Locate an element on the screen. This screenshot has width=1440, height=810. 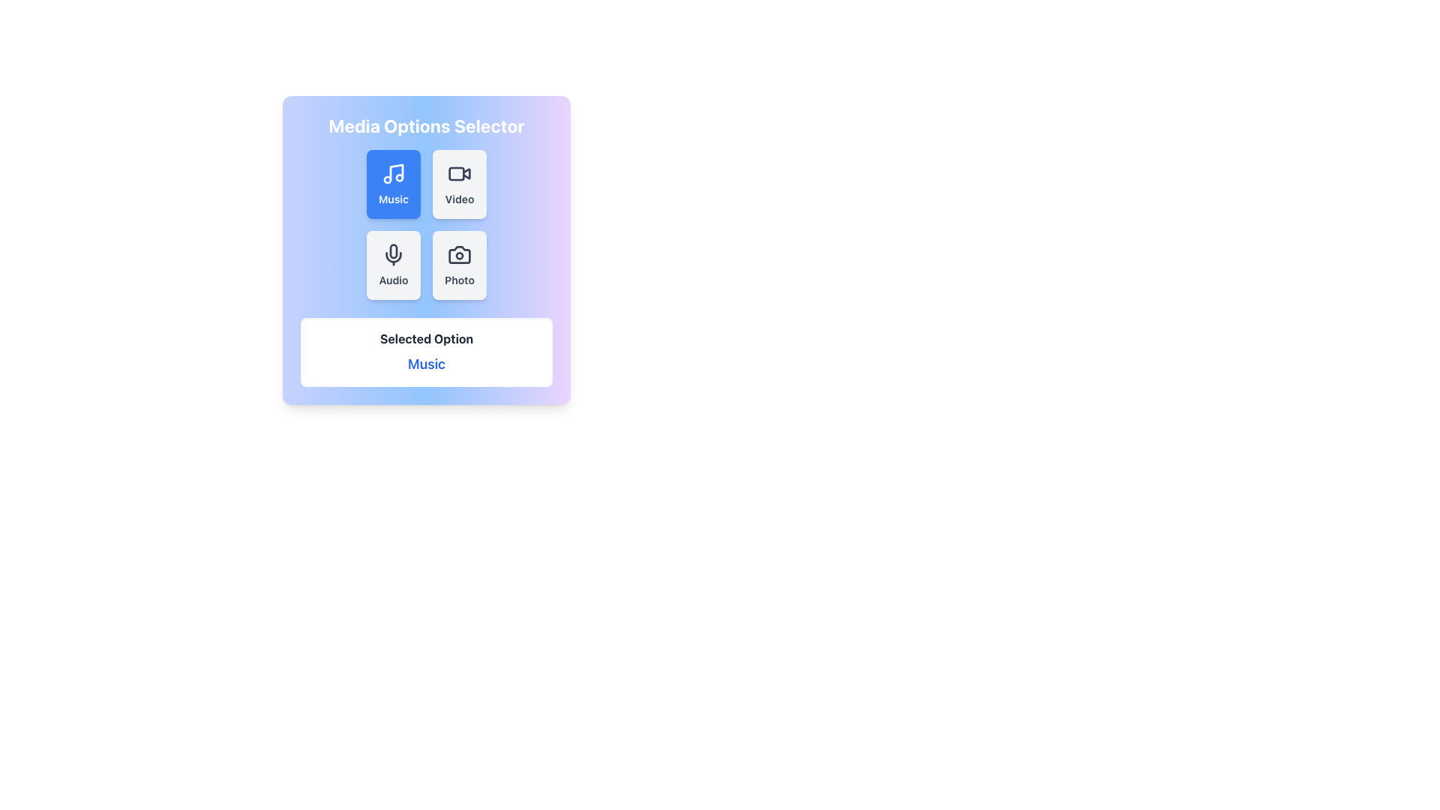
the 'Video' button, which has a rounded rectangular shape, light gray background, and features a dark gray video camera icon above the label 'Video' is located at coordinates (459, 184).